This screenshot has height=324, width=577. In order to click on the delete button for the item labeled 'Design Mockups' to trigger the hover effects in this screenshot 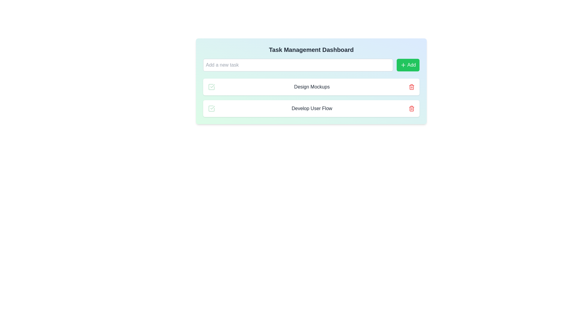, I will do `click(411, 87)`.